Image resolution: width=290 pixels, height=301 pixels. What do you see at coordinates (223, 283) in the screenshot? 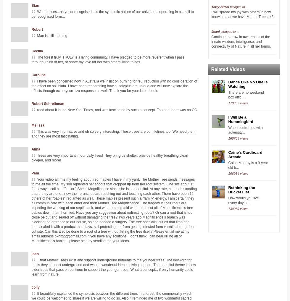
I see `'Kira Alia Leeon'` at bounding box center [223, 283].